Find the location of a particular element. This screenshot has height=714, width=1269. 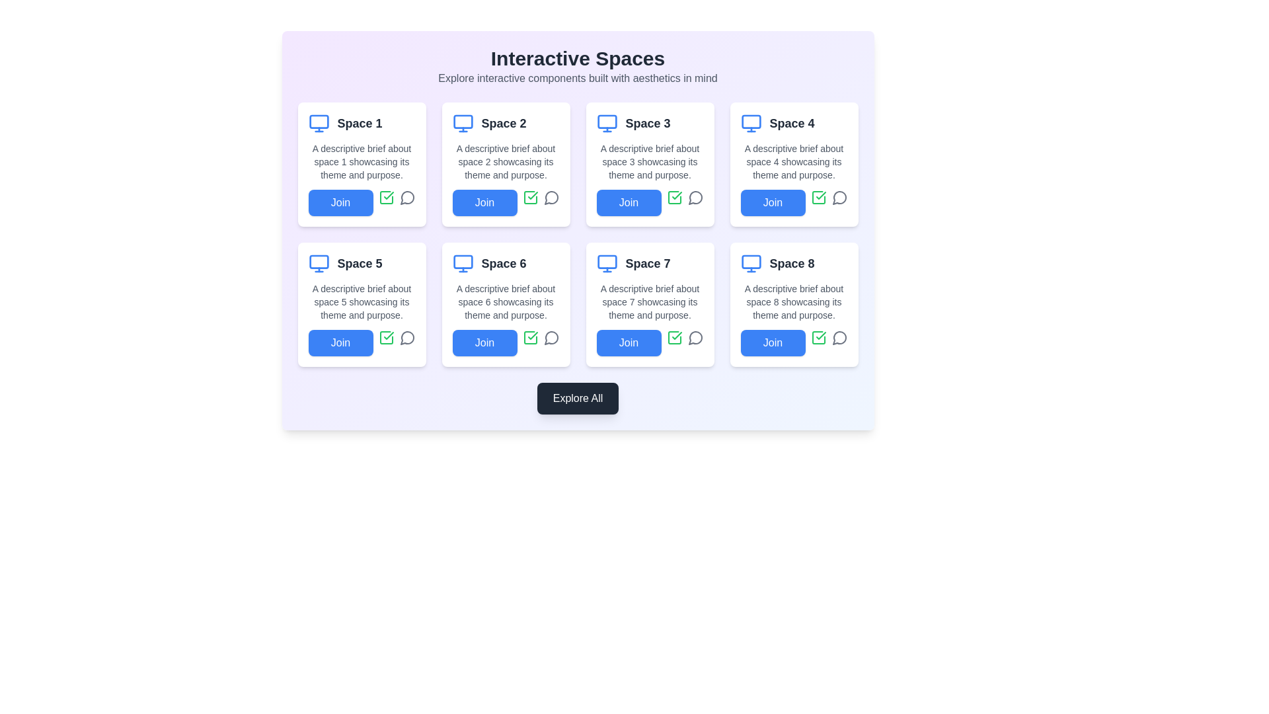

text displayed in the small, gray font stating 'A descriptive brief about space 3 showcasing its theme and purpose.' located in the second row, third card from the left beneath the title 'Space 3' is located at coordinates (650, 161).